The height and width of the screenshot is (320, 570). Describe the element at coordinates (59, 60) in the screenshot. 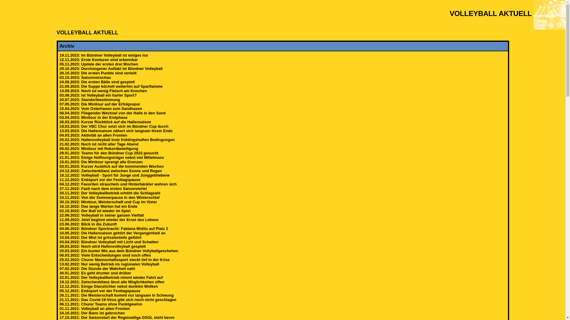

I see `'12.11.2023: Erste Konturen sind erkennbar'` at that location.